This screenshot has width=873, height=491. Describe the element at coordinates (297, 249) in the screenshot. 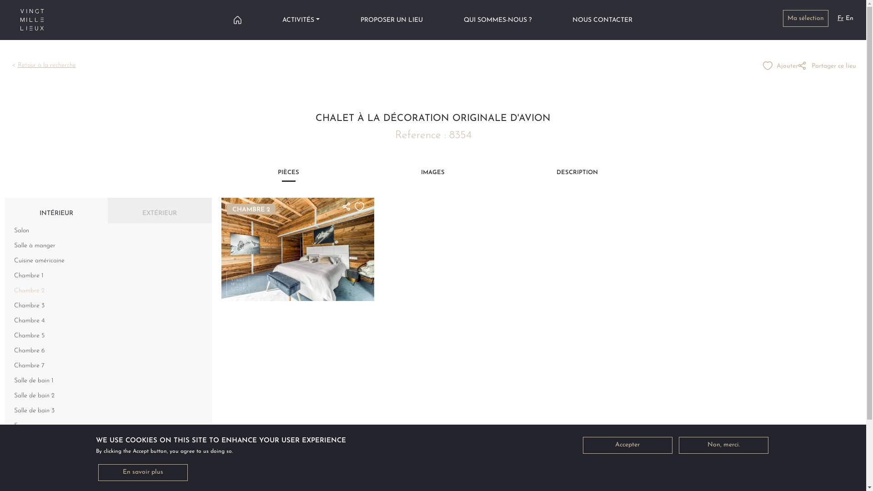

I see `'Image` at that location.